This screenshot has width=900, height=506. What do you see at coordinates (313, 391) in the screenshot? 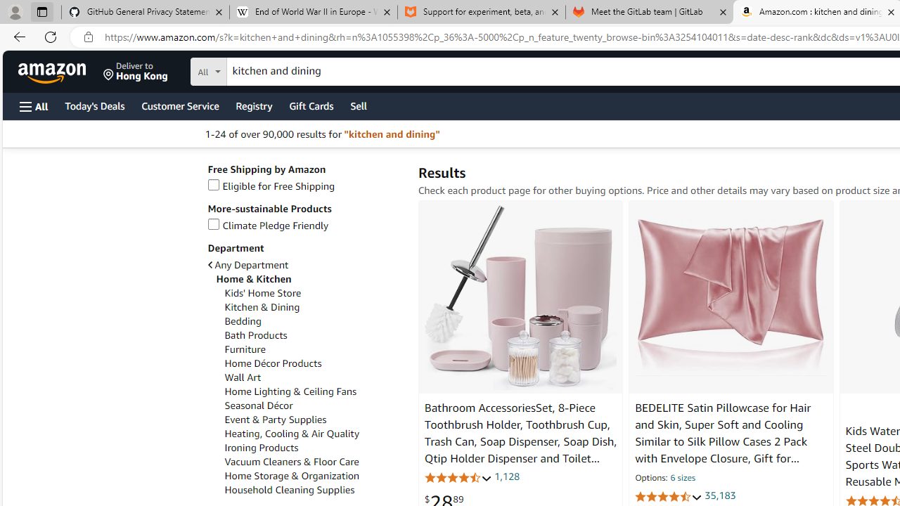
I see `'Home Lighting & Ceiling Fans'` at bounding box center [313, 391].